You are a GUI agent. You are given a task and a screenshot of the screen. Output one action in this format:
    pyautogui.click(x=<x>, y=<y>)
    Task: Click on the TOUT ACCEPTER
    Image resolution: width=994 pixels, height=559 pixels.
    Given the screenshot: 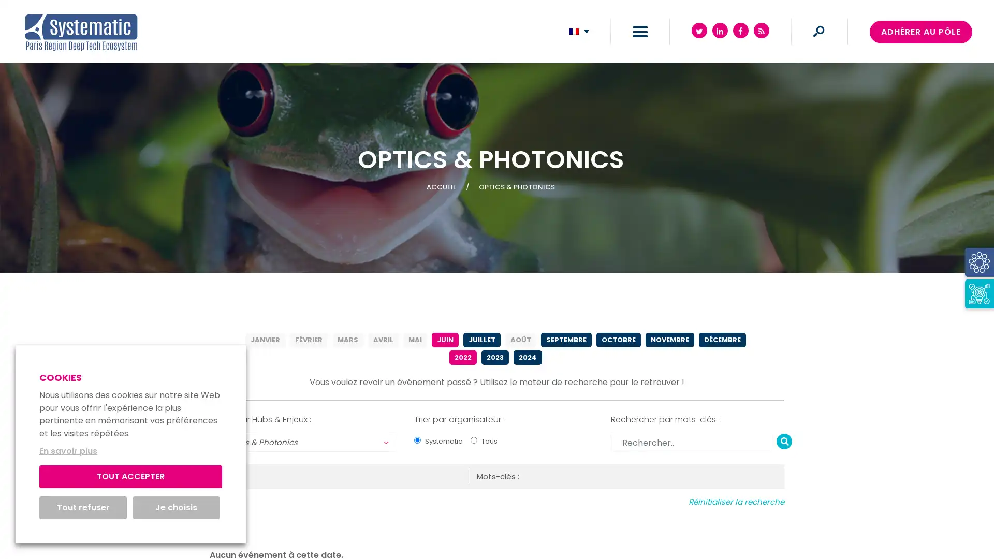 What is the action you would take?
    pyautogui.click(x=130, y=477)
    